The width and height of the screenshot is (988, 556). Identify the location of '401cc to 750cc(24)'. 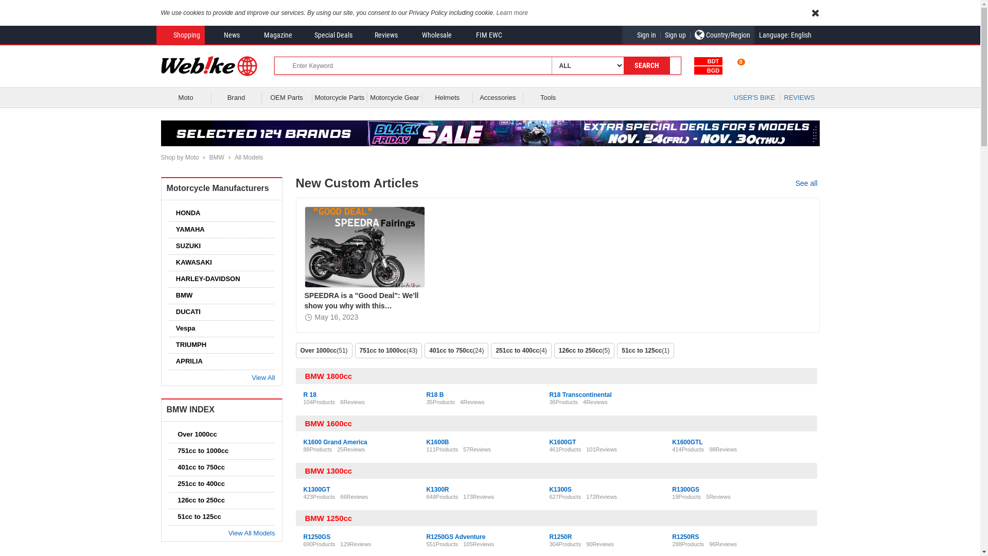
(425, 350).